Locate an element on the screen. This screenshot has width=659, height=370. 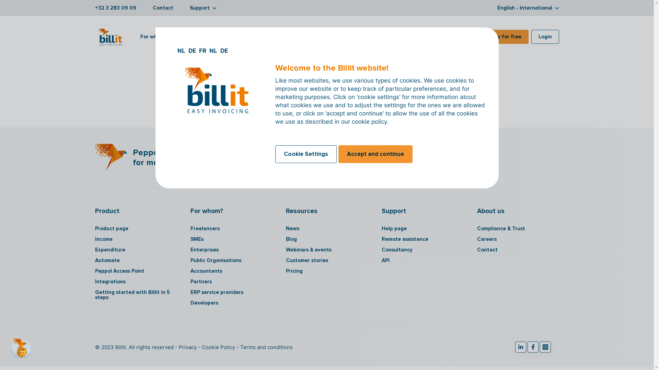
'Billit Logo' is located at coordinates (110, 39).